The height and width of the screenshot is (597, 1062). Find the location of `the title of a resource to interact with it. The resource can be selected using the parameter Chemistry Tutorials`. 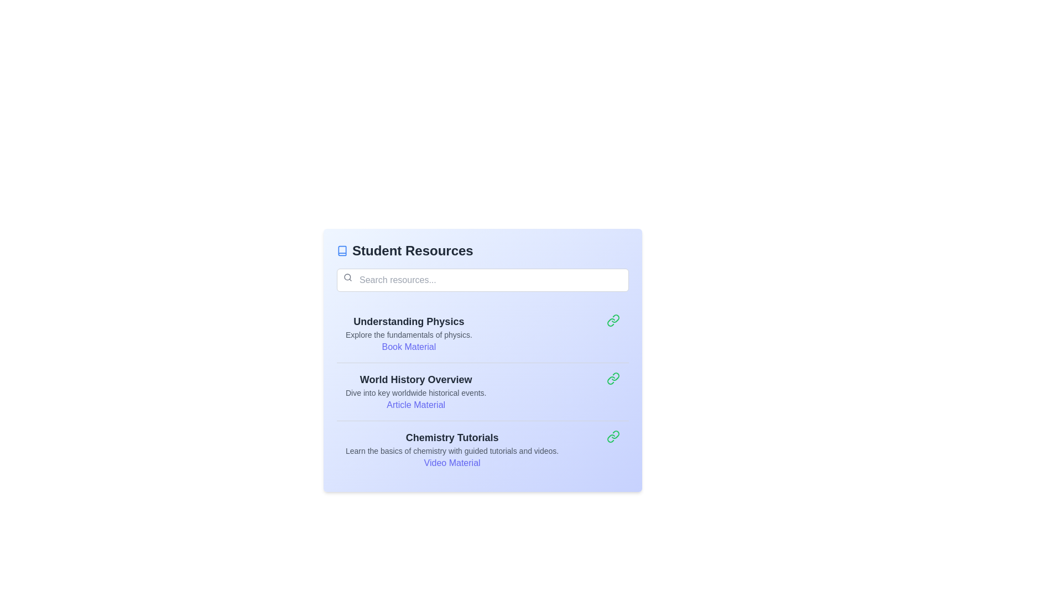

the title of a resource to interact with it. The resource can be selected using the parameter Chemistry Tutorials is located at coordinates (452, 437).